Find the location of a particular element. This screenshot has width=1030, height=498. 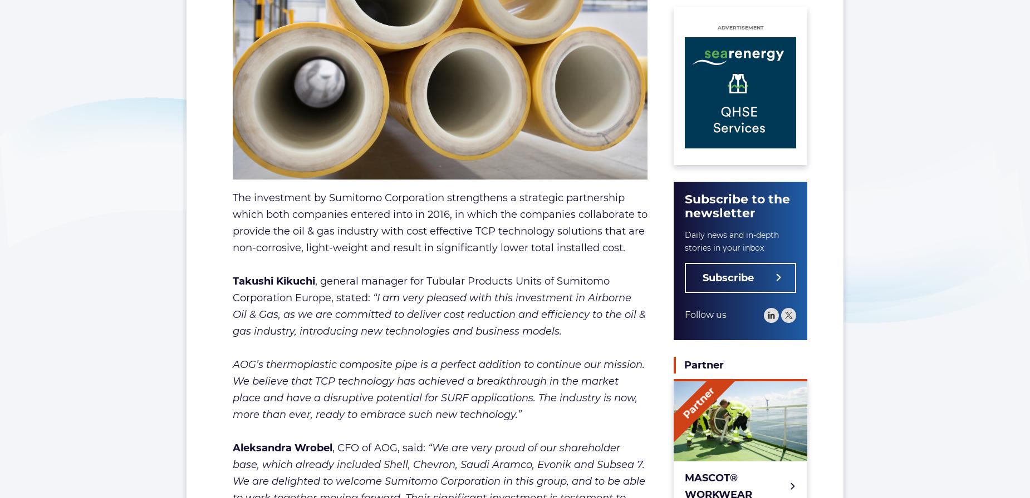

'The investment by Sumitomo Corporation strengthens a strategic partnership which both companies entered into in 2016, in which the companies collaborate to provide the oil & gas industry with cost effective TCP technology solutions that are non-corrosive, light-weight and result in significantly lower total installed cost.' is located at coordinates (439, 222).